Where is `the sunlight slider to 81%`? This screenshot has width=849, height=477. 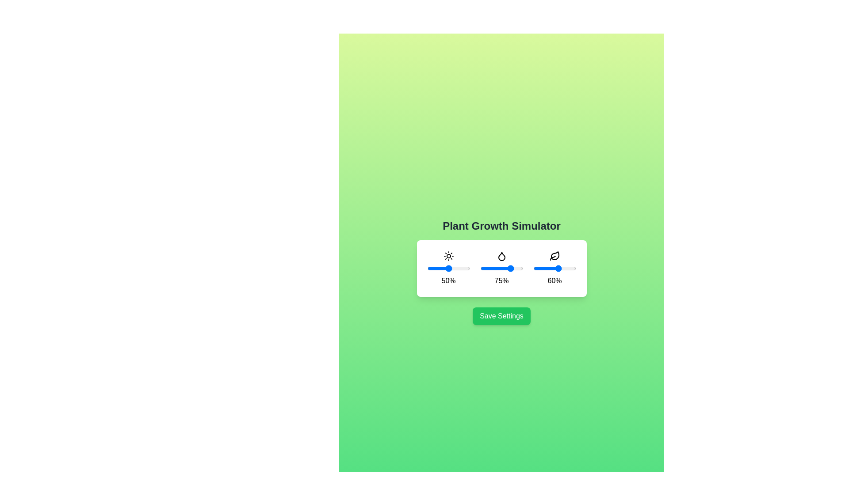 the sunlight slider to 81% is located at coordinates (461, 268).